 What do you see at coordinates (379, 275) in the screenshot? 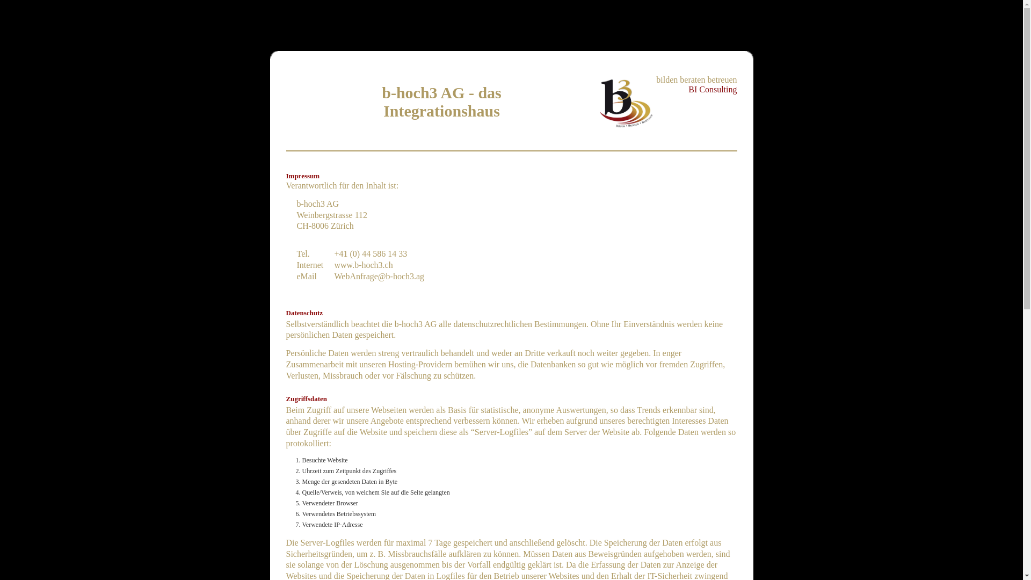
I see `'WebAnfrage@b-hoch3.ag'` at bounding box center [379, 275].